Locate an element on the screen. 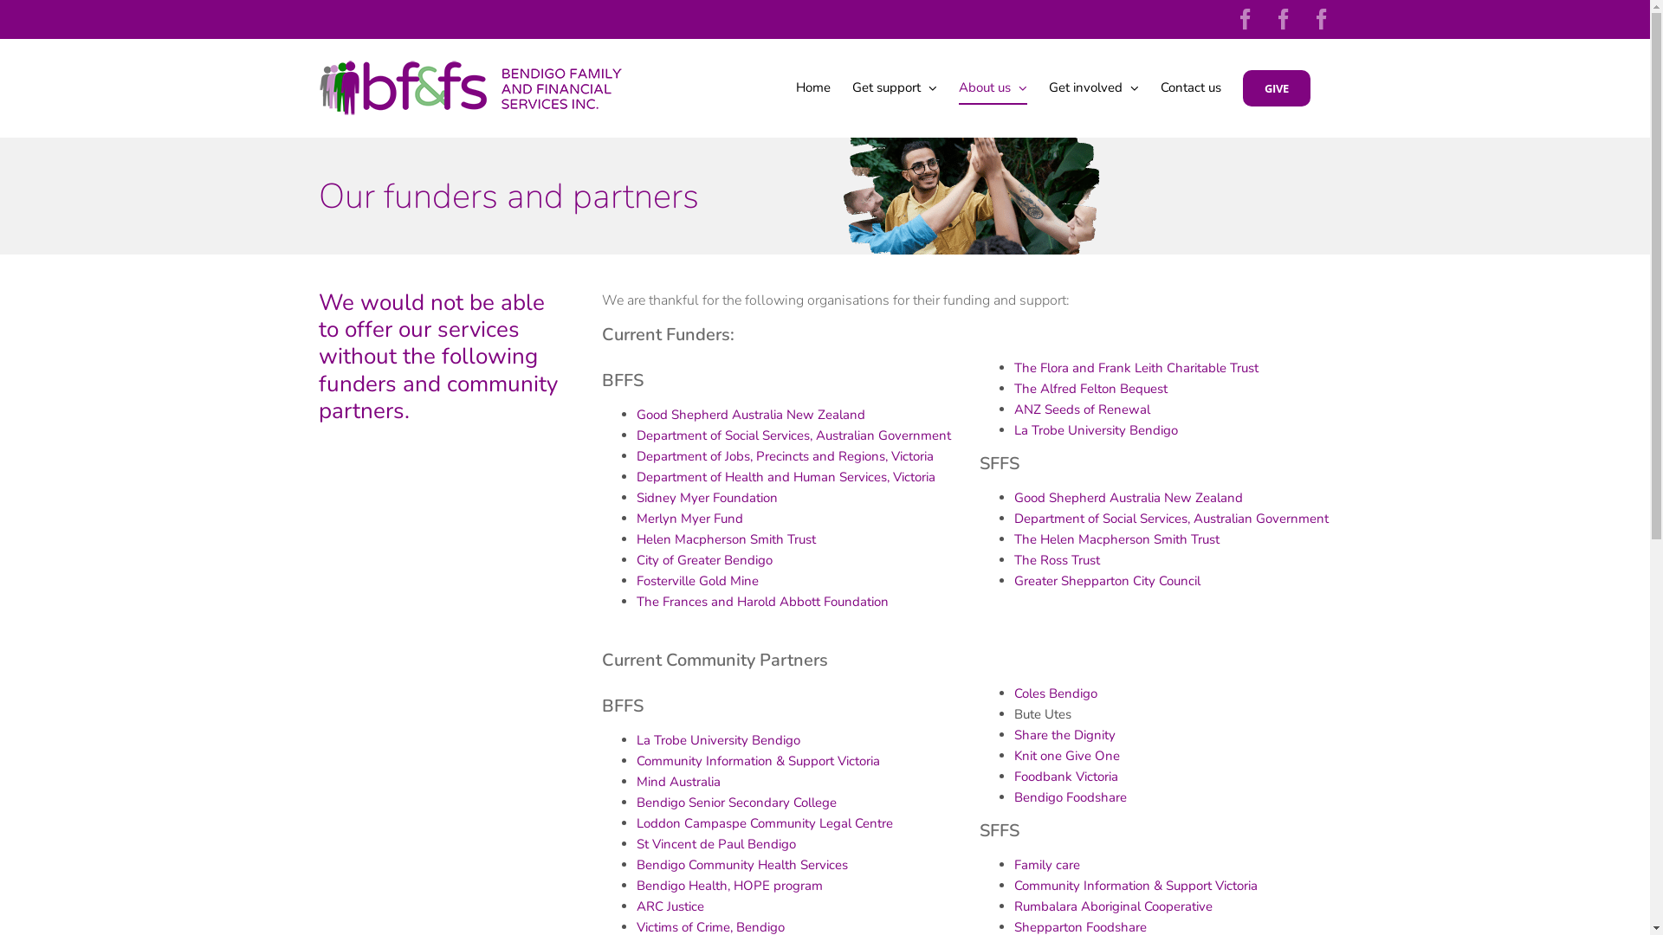 The width and height of the screenshot is (1663, 935). 'Department of Health and Human Services, Victoria' is located at coordinates (785, 477).